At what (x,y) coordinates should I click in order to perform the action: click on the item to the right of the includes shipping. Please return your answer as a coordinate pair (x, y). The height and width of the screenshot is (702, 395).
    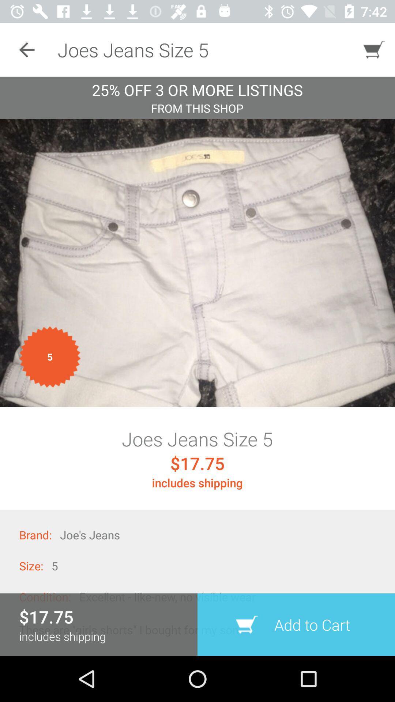
    Looking at the image, I should click on (296, 624).